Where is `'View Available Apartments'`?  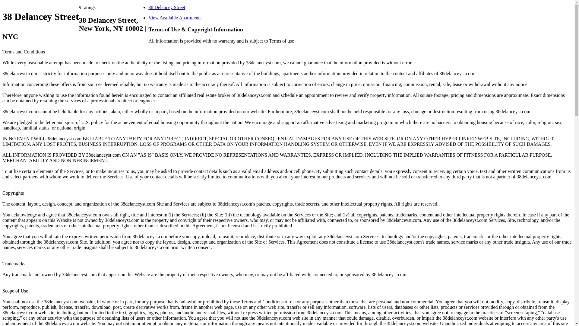 'View Available Apartments' is located at coordinates (175, 17).